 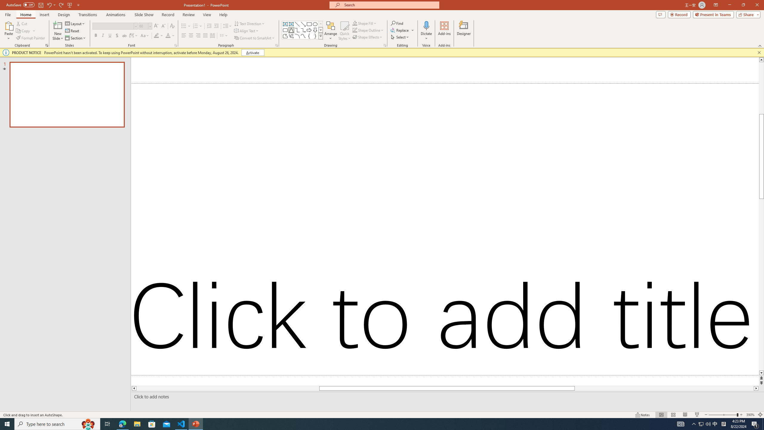 What do you see at coordinates (285, 24) in the screenshot?
I see `'Text Box'` at bounding box center [285, 24].